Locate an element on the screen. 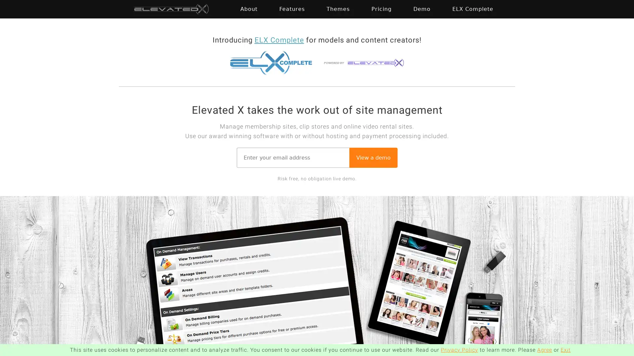 This screenshot has width=634, height=356. View a demo is located at coordinates (373, 157).